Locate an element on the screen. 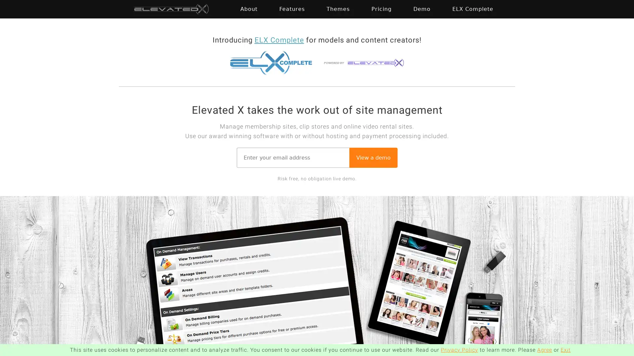 This screenshot has width=634, height=356. View a demo is located at coordinates (373, 157).